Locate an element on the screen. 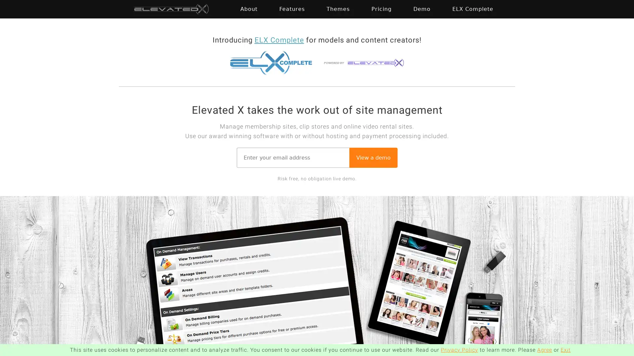 This screenshot has width=634, height=356. View a demo is located at coordinates (373, 157).